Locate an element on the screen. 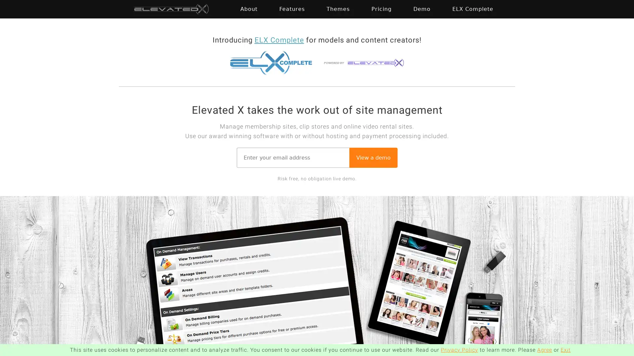 This screenshot has width=634, height=356. View a demo is located at coordinates (373, 157).